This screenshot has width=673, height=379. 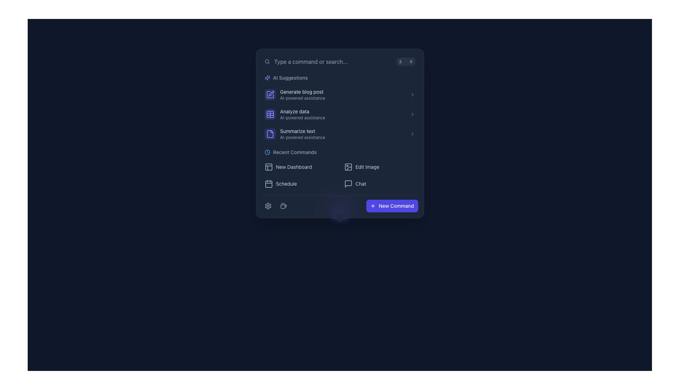 What do you see at coordinates (379, 167) in the screenshot?
I see `the image editing button located in the 'Recent Commands' section, which is the second button in the first row of the grid` at bounding box center [379, 167].